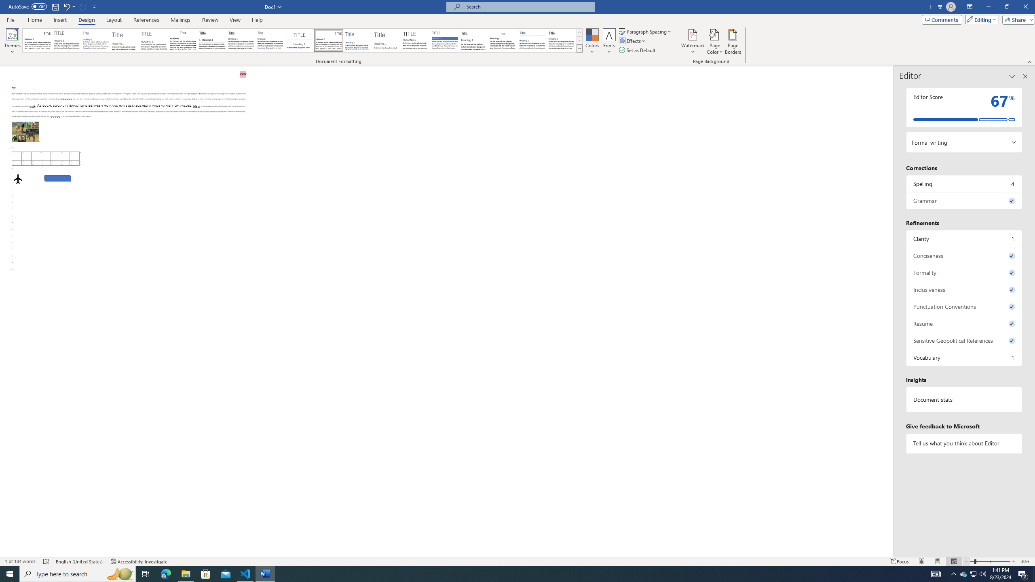 The width and height of the screenshot is (1035, 582). I want to click on 'Save', so click(55, 6).